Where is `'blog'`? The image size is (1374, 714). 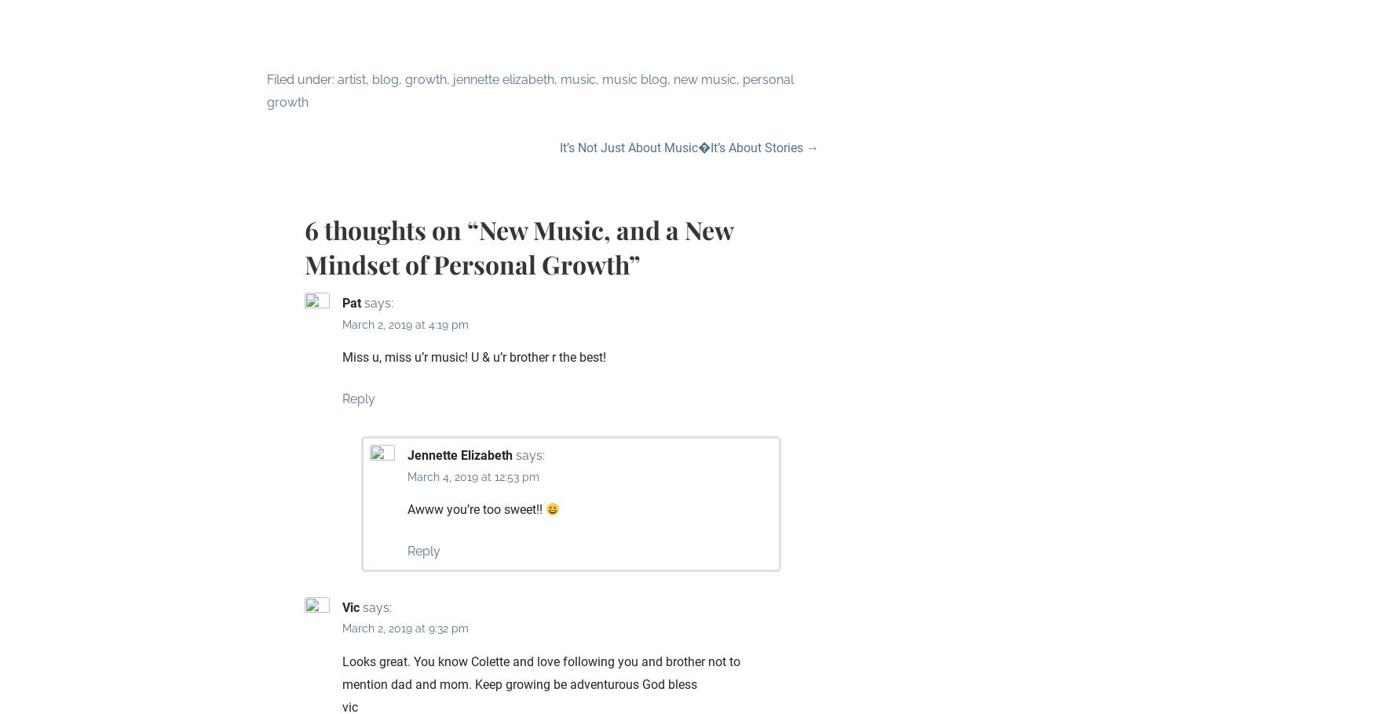 'blog' is located at coordinates (372, 79).